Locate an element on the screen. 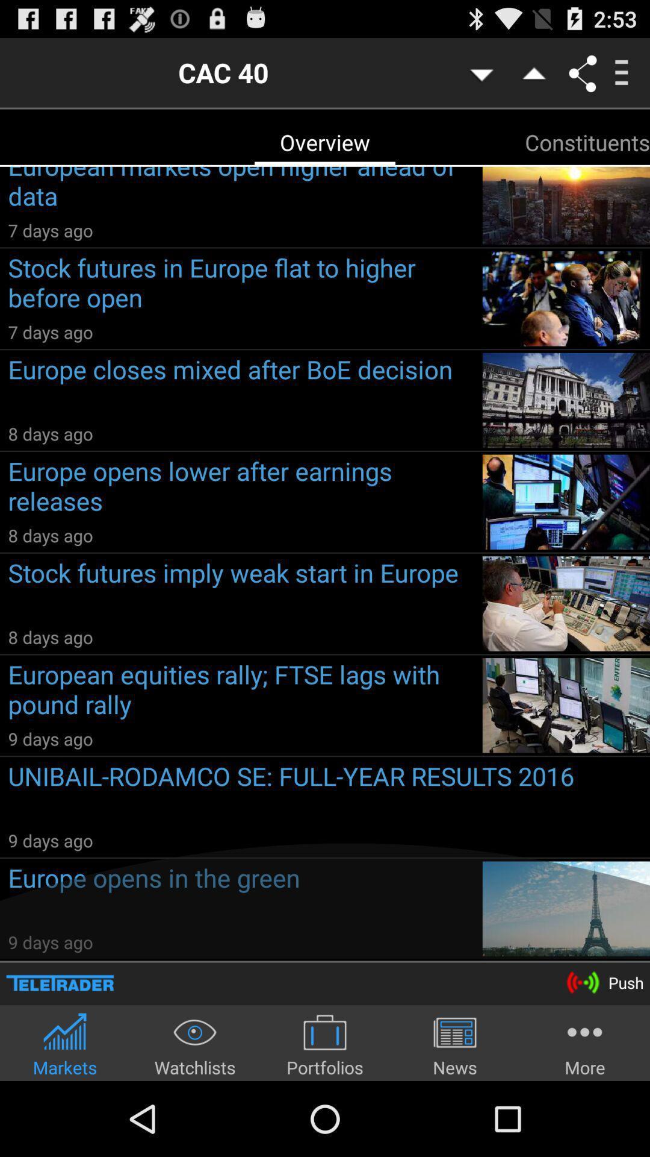 This screenshot has width=650, height=1157. the icon next to the portfolios is located at coordinates (194, 1044).